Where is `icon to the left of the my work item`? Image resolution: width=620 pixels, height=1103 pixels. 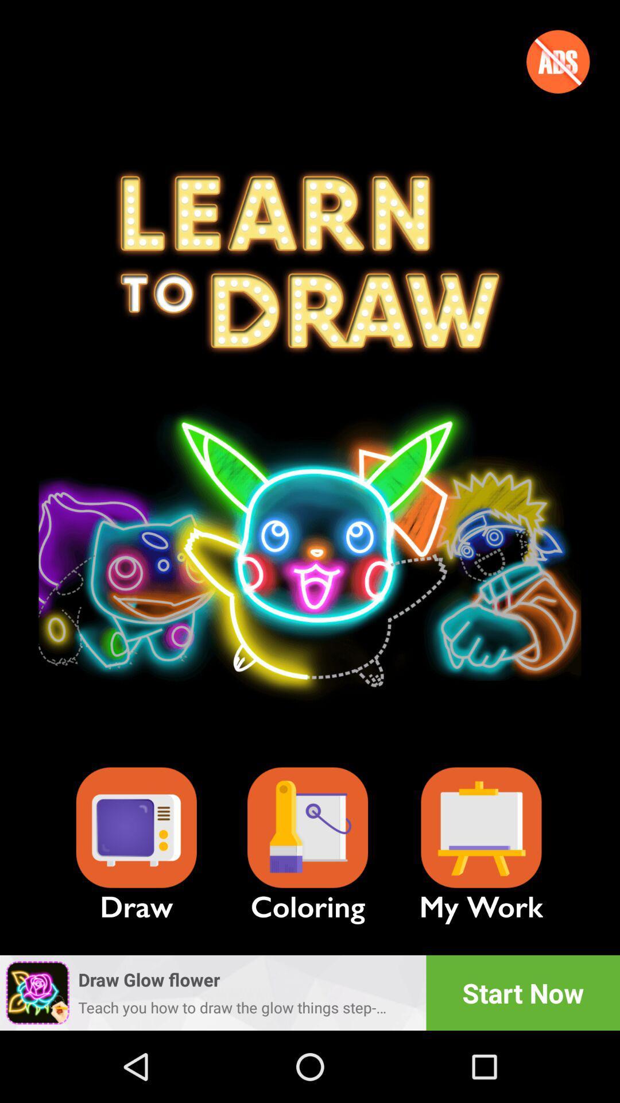 icon to the left of the my work item is located at coordinates (307, 828).